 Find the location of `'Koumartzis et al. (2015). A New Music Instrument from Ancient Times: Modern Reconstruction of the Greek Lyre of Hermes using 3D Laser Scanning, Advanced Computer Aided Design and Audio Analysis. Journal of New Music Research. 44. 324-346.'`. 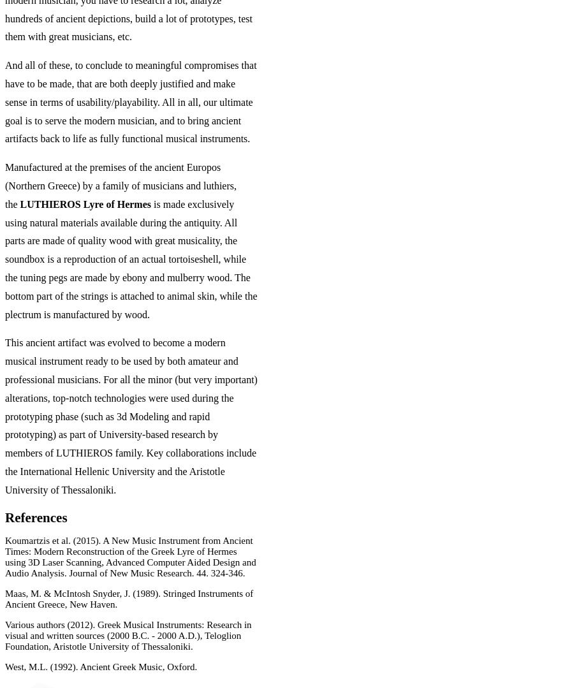

'Koumartzis et al. (2015). A New Music Instrument from Ancient Times: Modern Reconstruction of the Greek Lyre of Hermes using 3D Laser Scanning, Advanced Computer Aided Design and Audio Analysis. Journal of New Music Research. 44. 324-346.' is located at coordinates (130, 556).